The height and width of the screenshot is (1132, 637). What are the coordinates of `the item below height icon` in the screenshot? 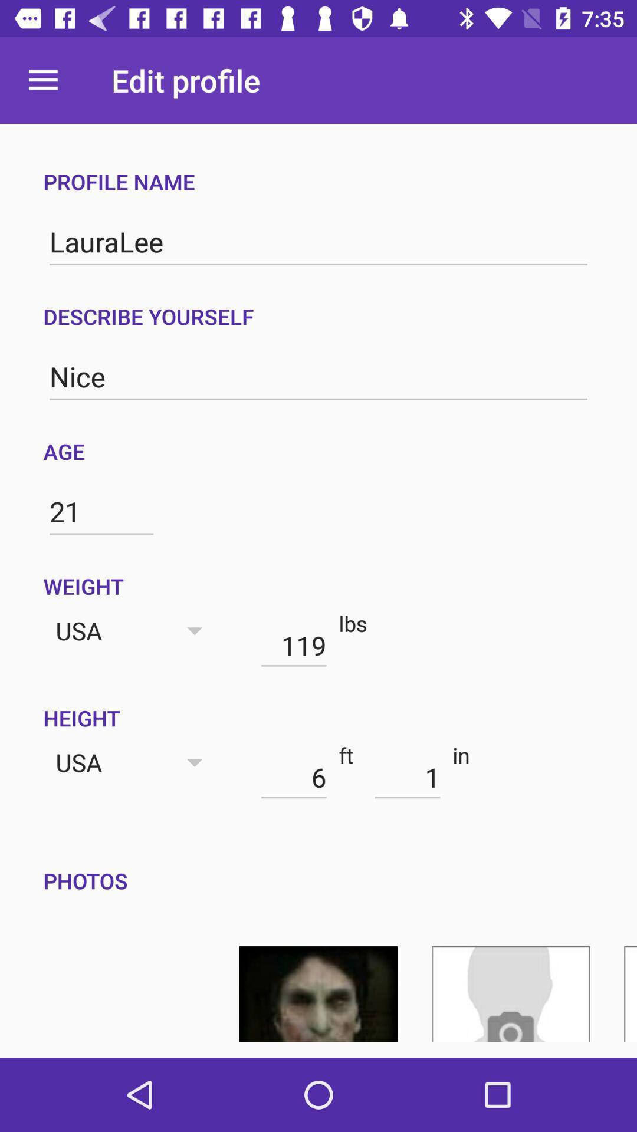 It's located at (407, 777).